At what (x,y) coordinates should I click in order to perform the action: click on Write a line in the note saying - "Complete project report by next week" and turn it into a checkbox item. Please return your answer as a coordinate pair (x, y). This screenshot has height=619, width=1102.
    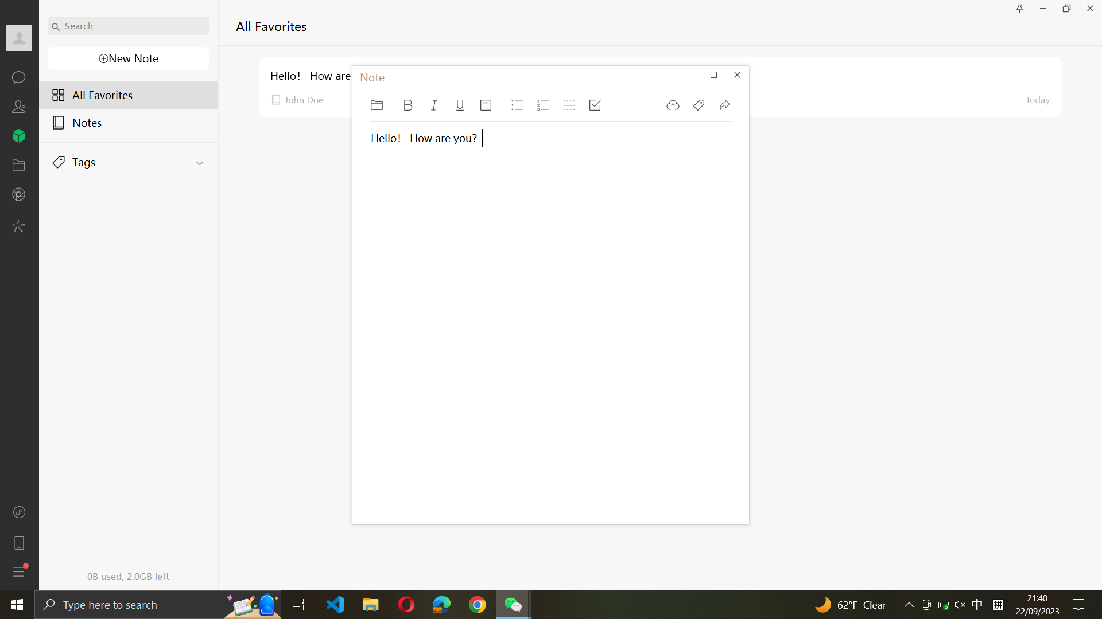
    Looking at the image, I should click on (417, 335).